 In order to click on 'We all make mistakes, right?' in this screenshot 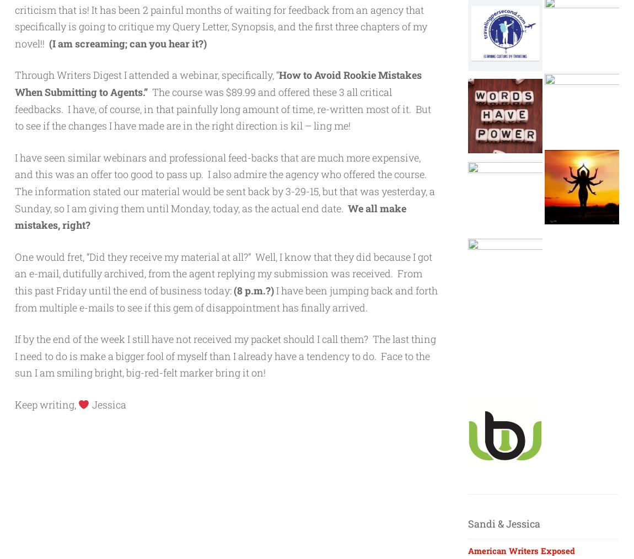, I will do `click(211, 216)`.